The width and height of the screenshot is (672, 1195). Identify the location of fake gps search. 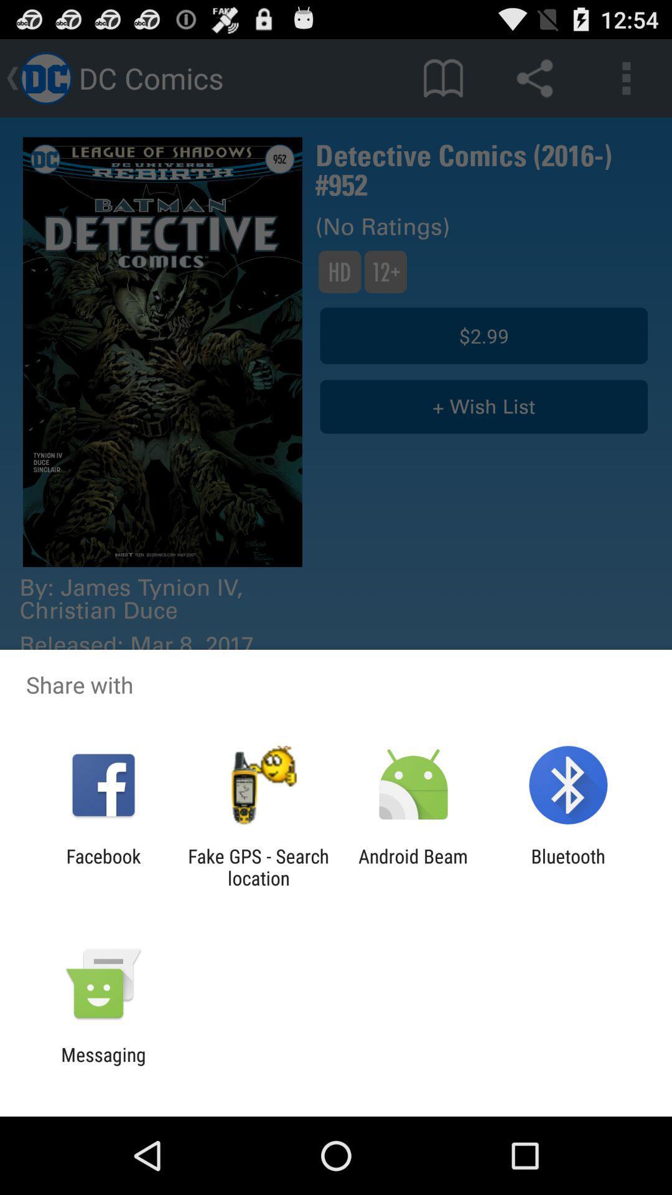
(258, 866).